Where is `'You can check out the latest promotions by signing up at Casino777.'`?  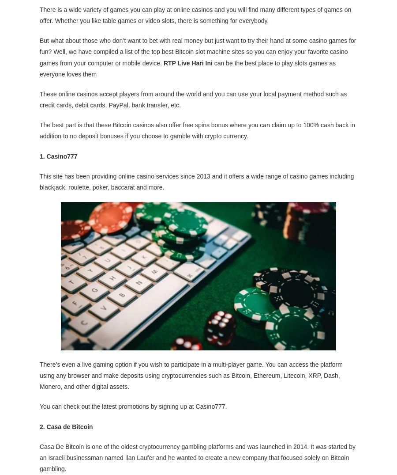 'You can check out the latest promotions by signing up at Casino777.' is located at coordinates (133, 406).